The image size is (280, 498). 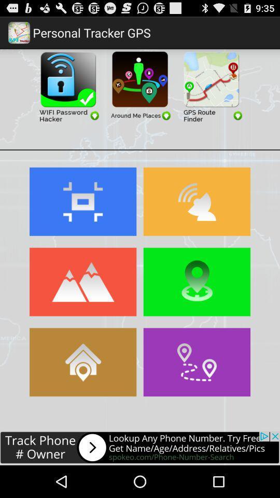 I want to click on the widget, so click(x=211, y=85).